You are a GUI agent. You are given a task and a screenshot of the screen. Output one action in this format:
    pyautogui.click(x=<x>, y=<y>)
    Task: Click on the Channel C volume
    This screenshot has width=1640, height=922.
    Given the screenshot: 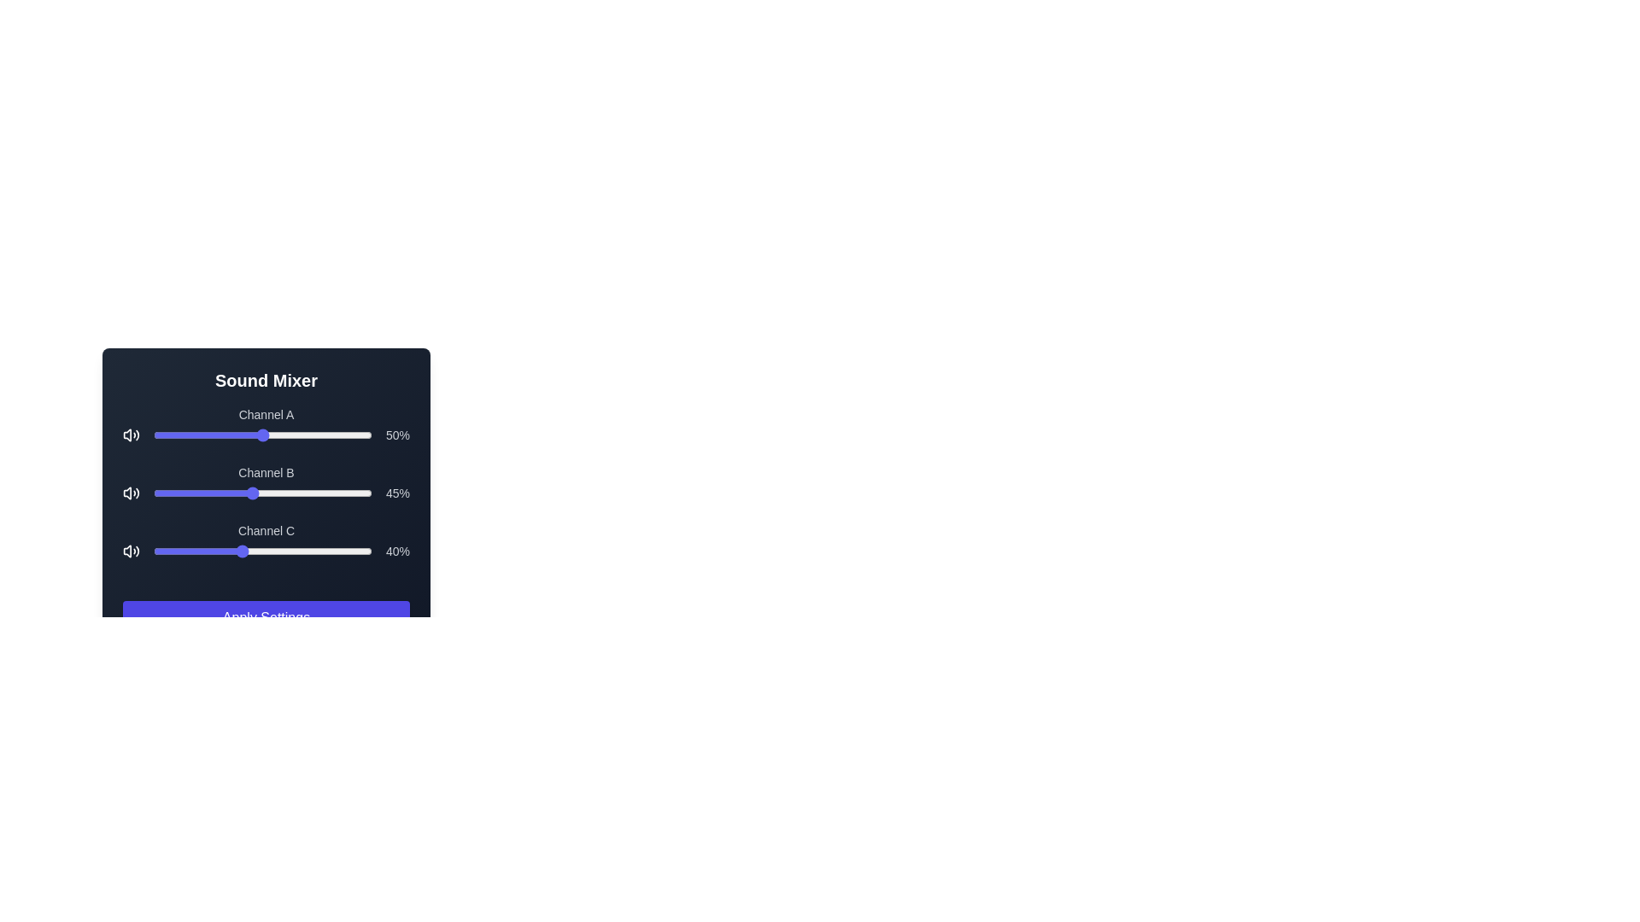 What is the action you would take?
    pyautogui.click(x=186, y=551)
    